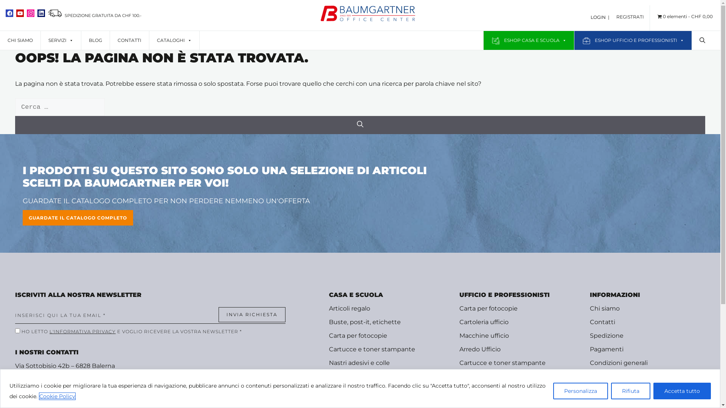 The width and height of the screenshot is (726, 408). What do you see at coordinates (607, 335) in the screenshot?
I see `'Spedizione'` at bounding box center [607, 335].